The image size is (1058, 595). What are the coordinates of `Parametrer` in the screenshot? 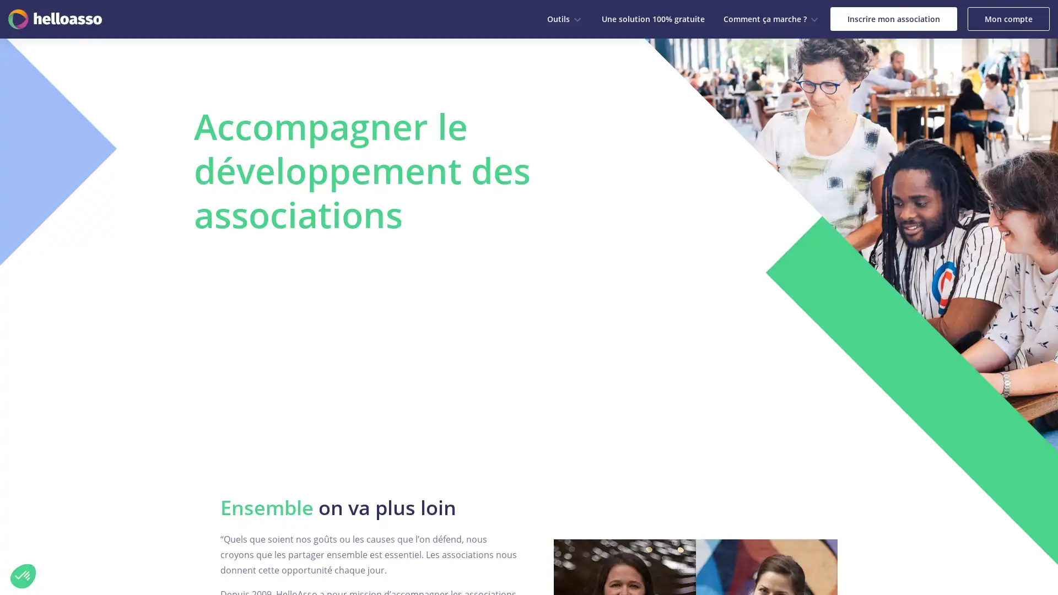 It's located at (127, 539).